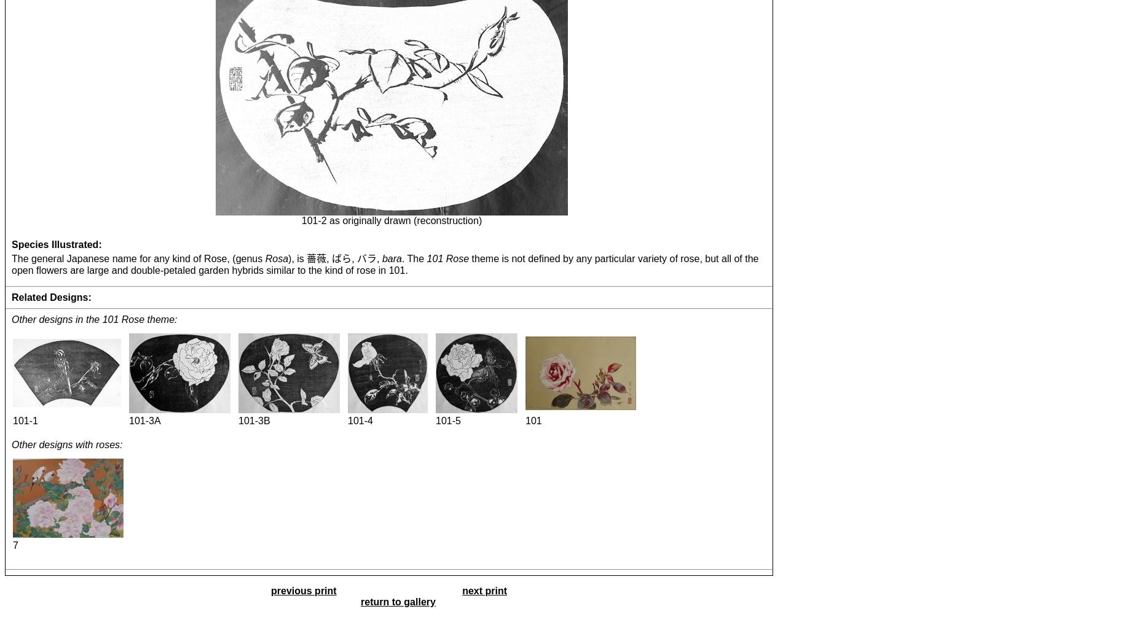  Describe the element at coordinates (360, 420) in the screenshot. I see `'101-4'` at that location.